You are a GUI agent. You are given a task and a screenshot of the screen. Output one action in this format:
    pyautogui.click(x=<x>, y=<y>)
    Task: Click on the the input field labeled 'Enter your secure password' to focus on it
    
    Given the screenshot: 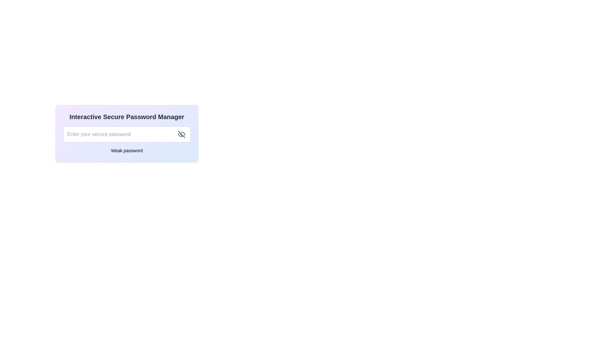 What is the action you would take?
    pyautogui.click(x=127, y=134)
    